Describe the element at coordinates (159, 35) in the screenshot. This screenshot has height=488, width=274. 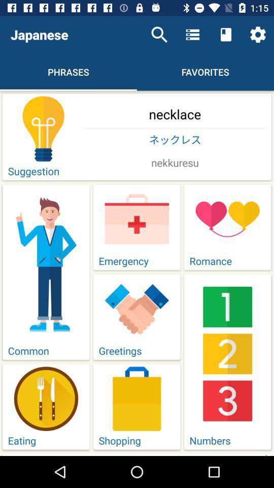
I see `the item to the right of the japanese item` at that location.